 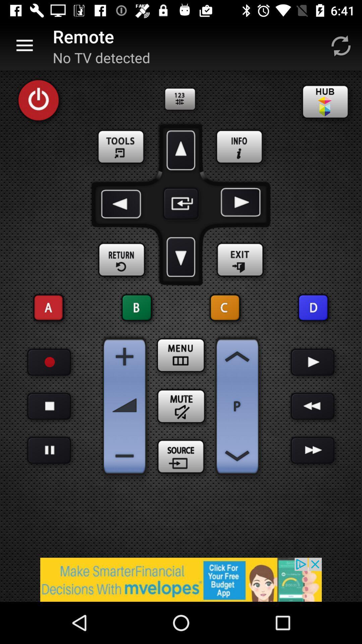 What do you see at coordinates (122, 203) in the screenshot?
I see `the arrow_backward icon` at bounding box center [122, 203].